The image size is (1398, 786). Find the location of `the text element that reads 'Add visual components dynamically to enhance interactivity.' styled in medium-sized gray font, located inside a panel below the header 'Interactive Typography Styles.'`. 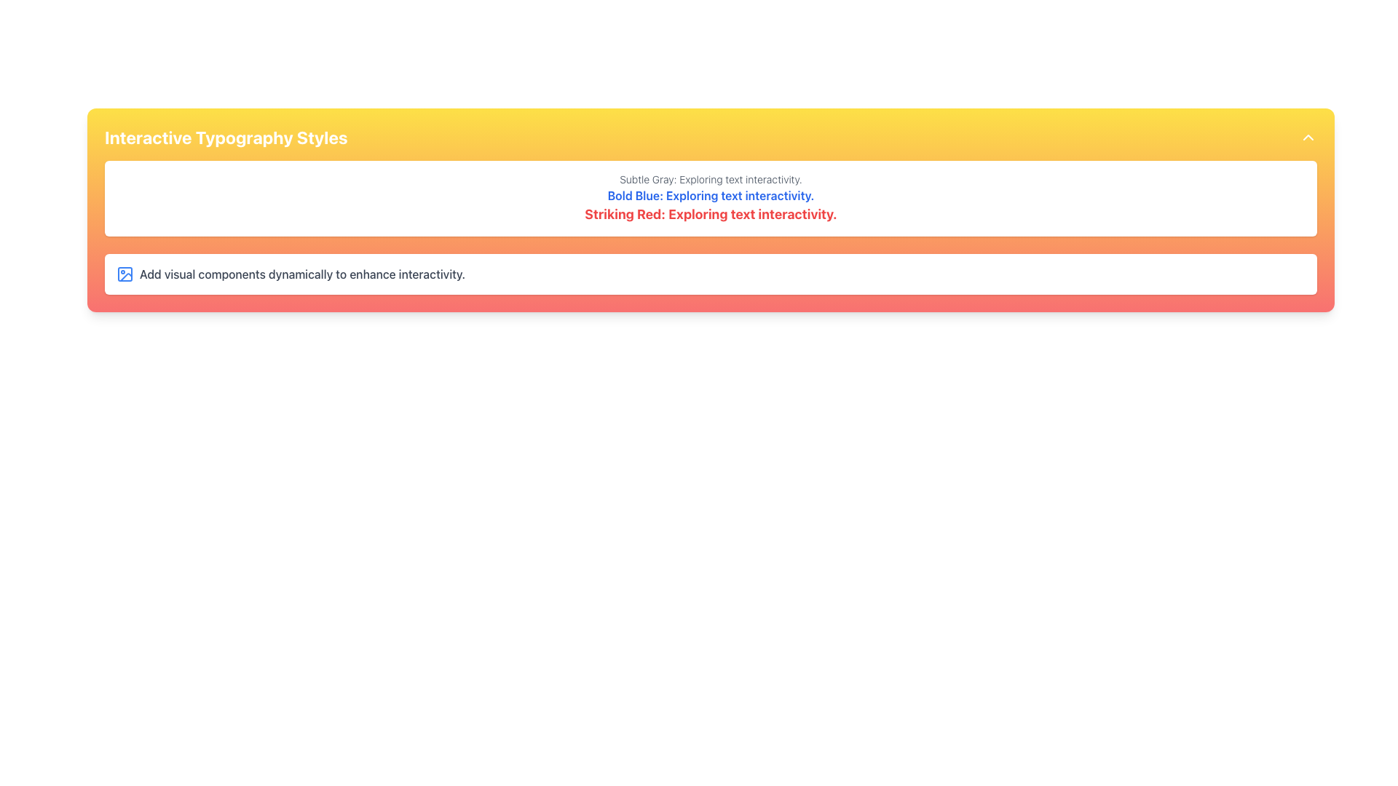

the text element that reads 'Add visual components dynamically to enhance interactivity.' styled in medium-sized gray font, located inside a panel below the header 'Interactive Typography Styles.' is located at coordinates (301, 274).